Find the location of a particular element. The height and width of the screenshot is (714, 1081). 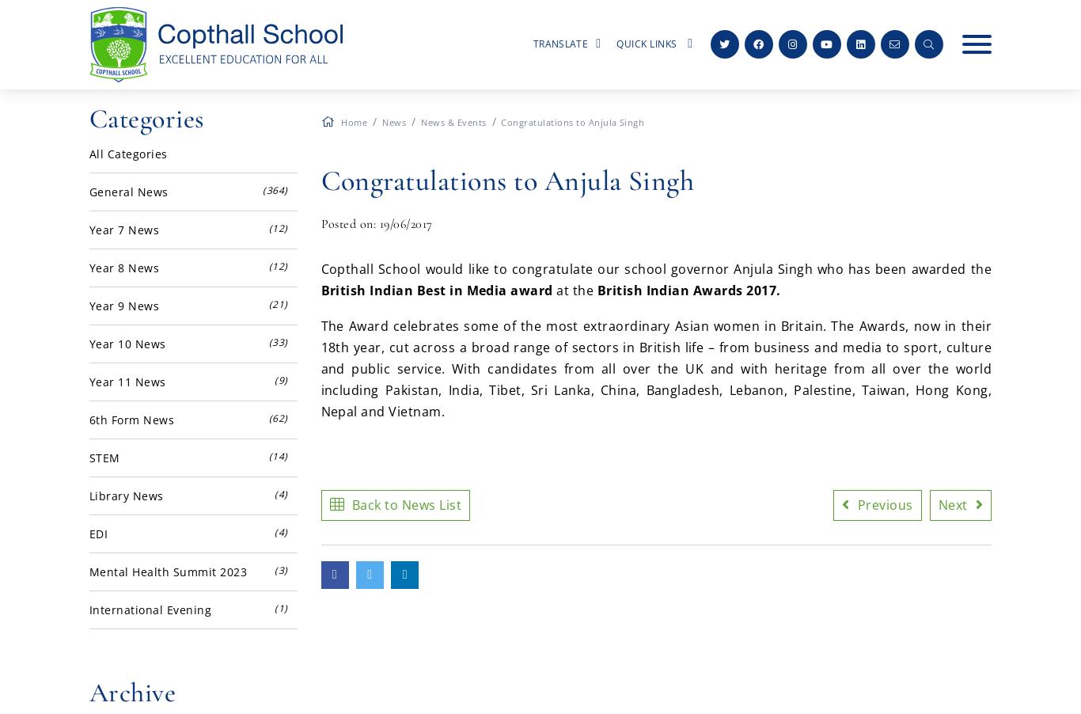

'Mental Health Summit 2023' is located at coordinates (167, 572).